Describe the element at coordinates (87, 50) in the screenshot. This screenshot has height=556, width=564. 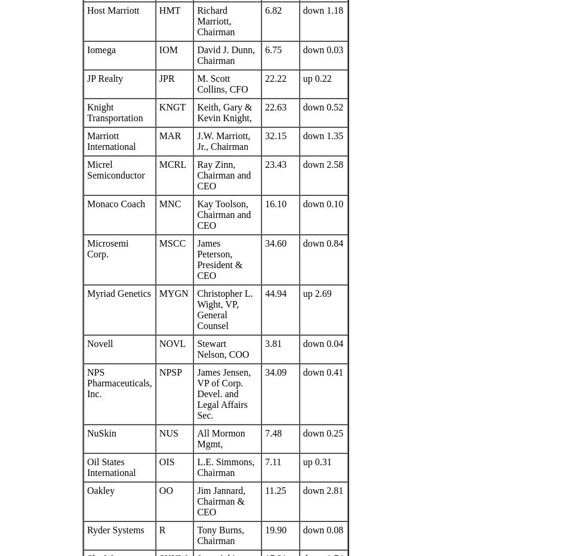
I see `'Iomega'` at that location.